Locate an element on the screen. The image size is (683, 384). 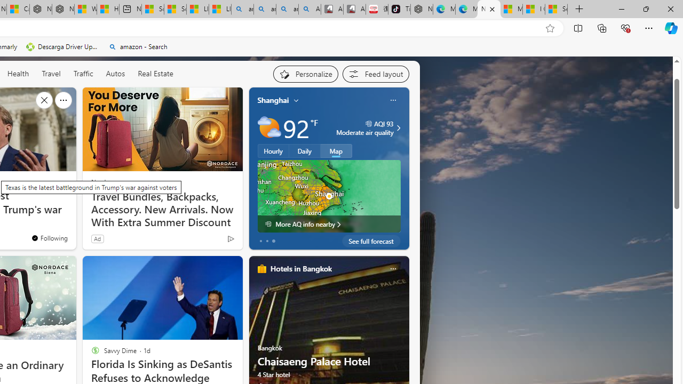
'Traffic' is located at coordinates (82, 73).